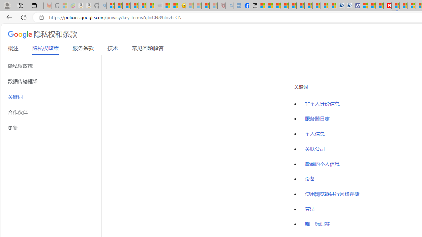 The image size is (422, 237). I want to click on 'Climate Damage Becomes Too Severe To Reverse', so click(285, 6).